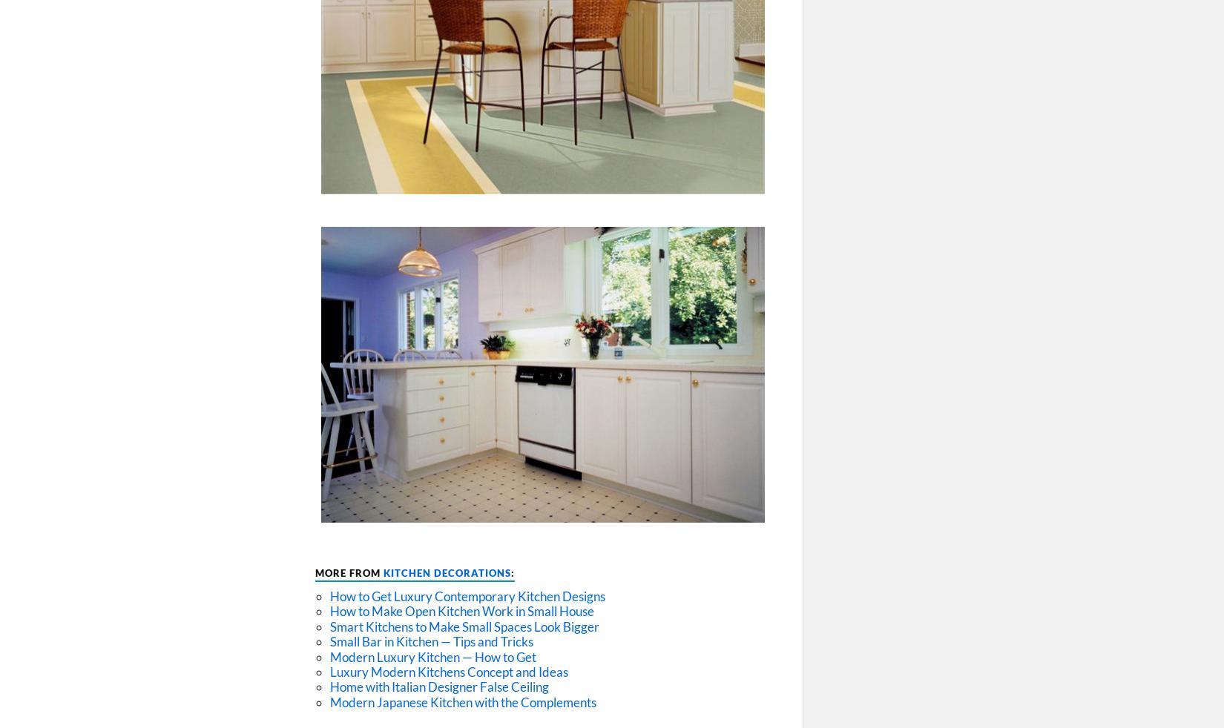 The width and height of the screenshot is (1224, 728). What do you see at coordinates (329, 641) in the screenshot?
I see `'Small Bar in Kitchen — Tips and Tricks'` at bounding box center [329, 641].